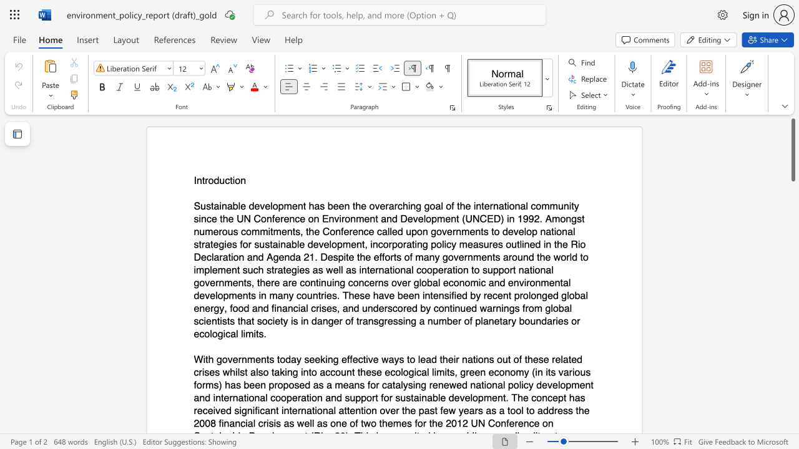 The image size is (799, 449). Describe the element at coordinates (792, 385) in the screenshot. I see `the scrollbar on the side` at that location.